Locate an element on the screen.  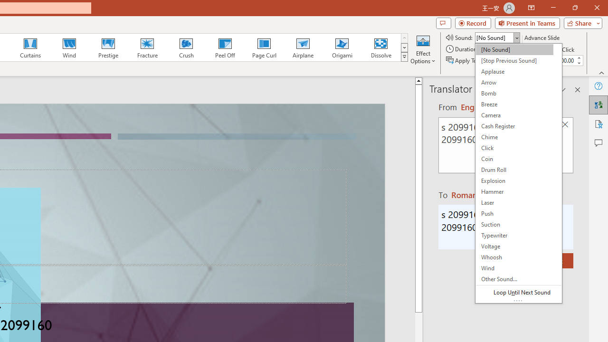
'Curtains' is located at coordinates (30, 47).